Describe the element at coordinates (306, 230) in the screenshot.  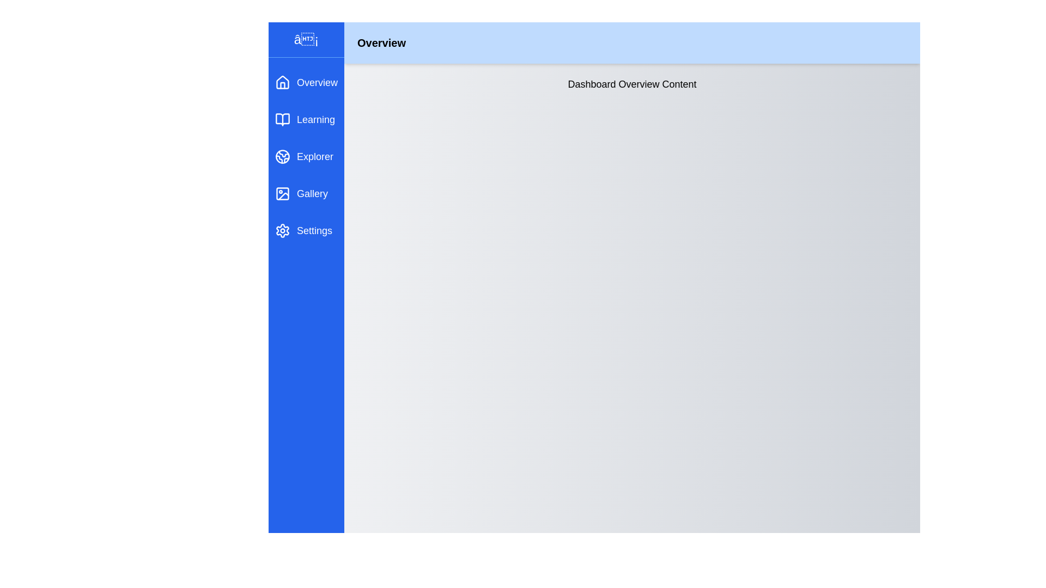
I see `the 'Settings' button in the left-aligned sidebar navigation menu` at that location.